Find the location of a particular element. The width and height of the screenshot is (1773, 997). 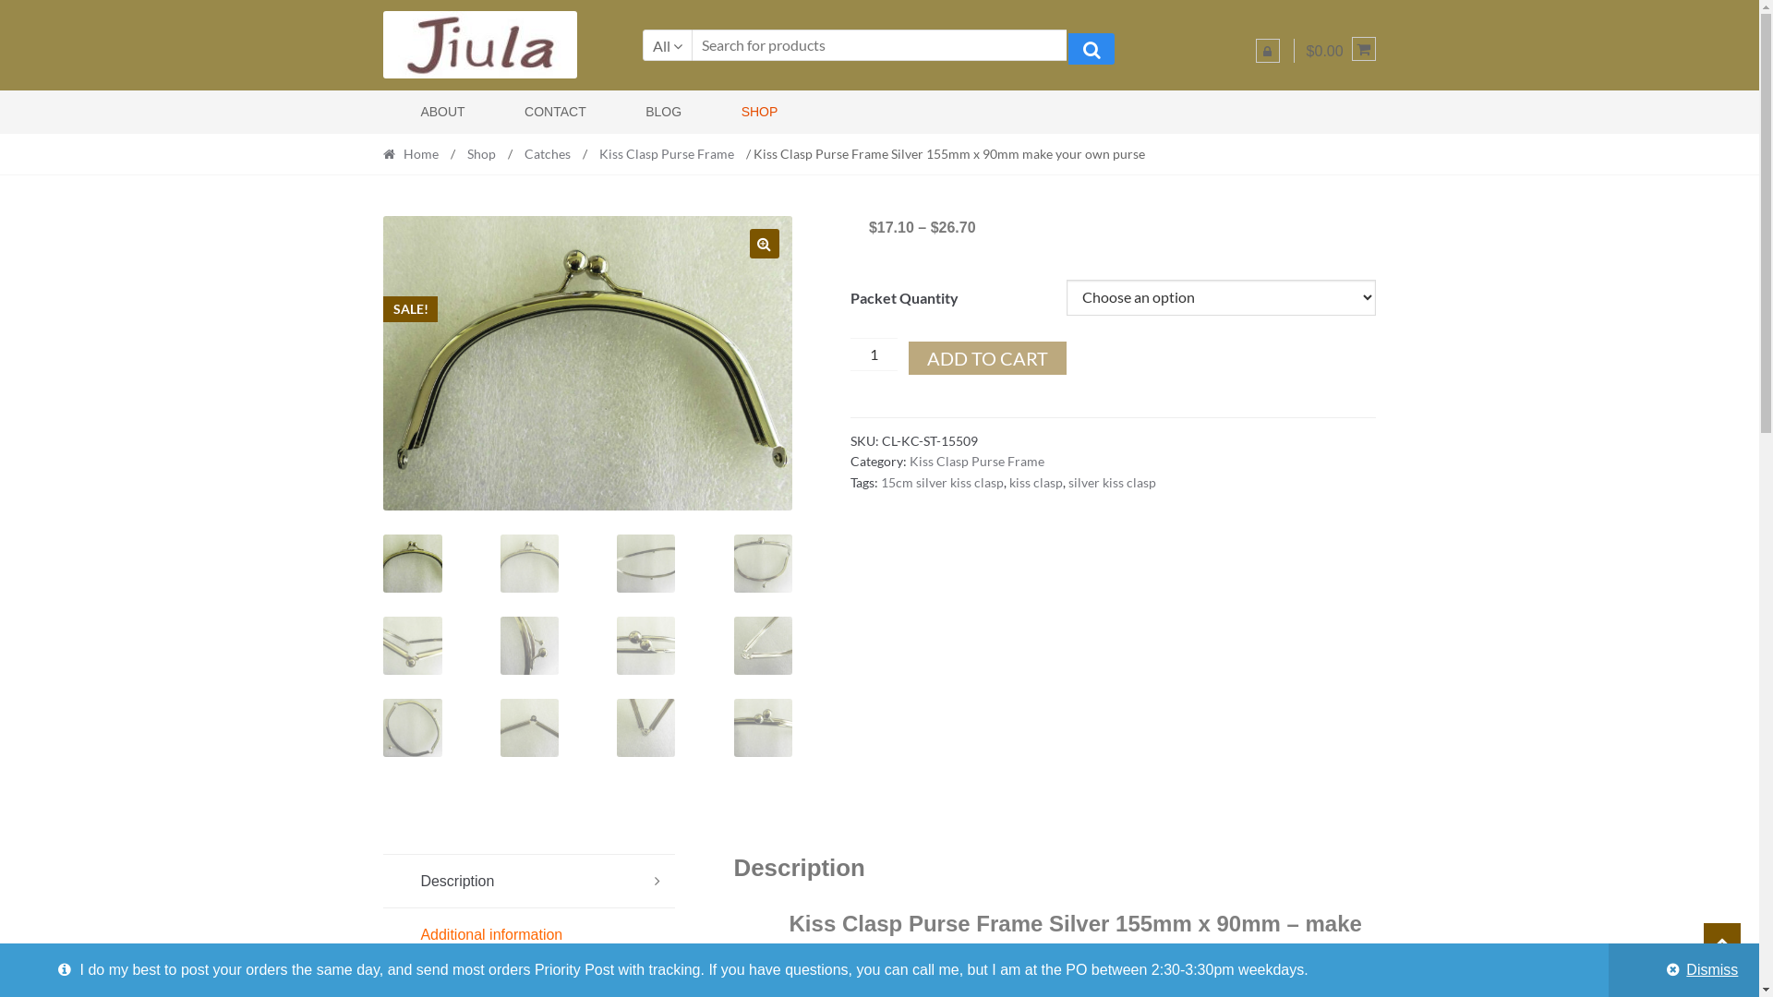

'BLOG' is located at coordinates (645, 112).